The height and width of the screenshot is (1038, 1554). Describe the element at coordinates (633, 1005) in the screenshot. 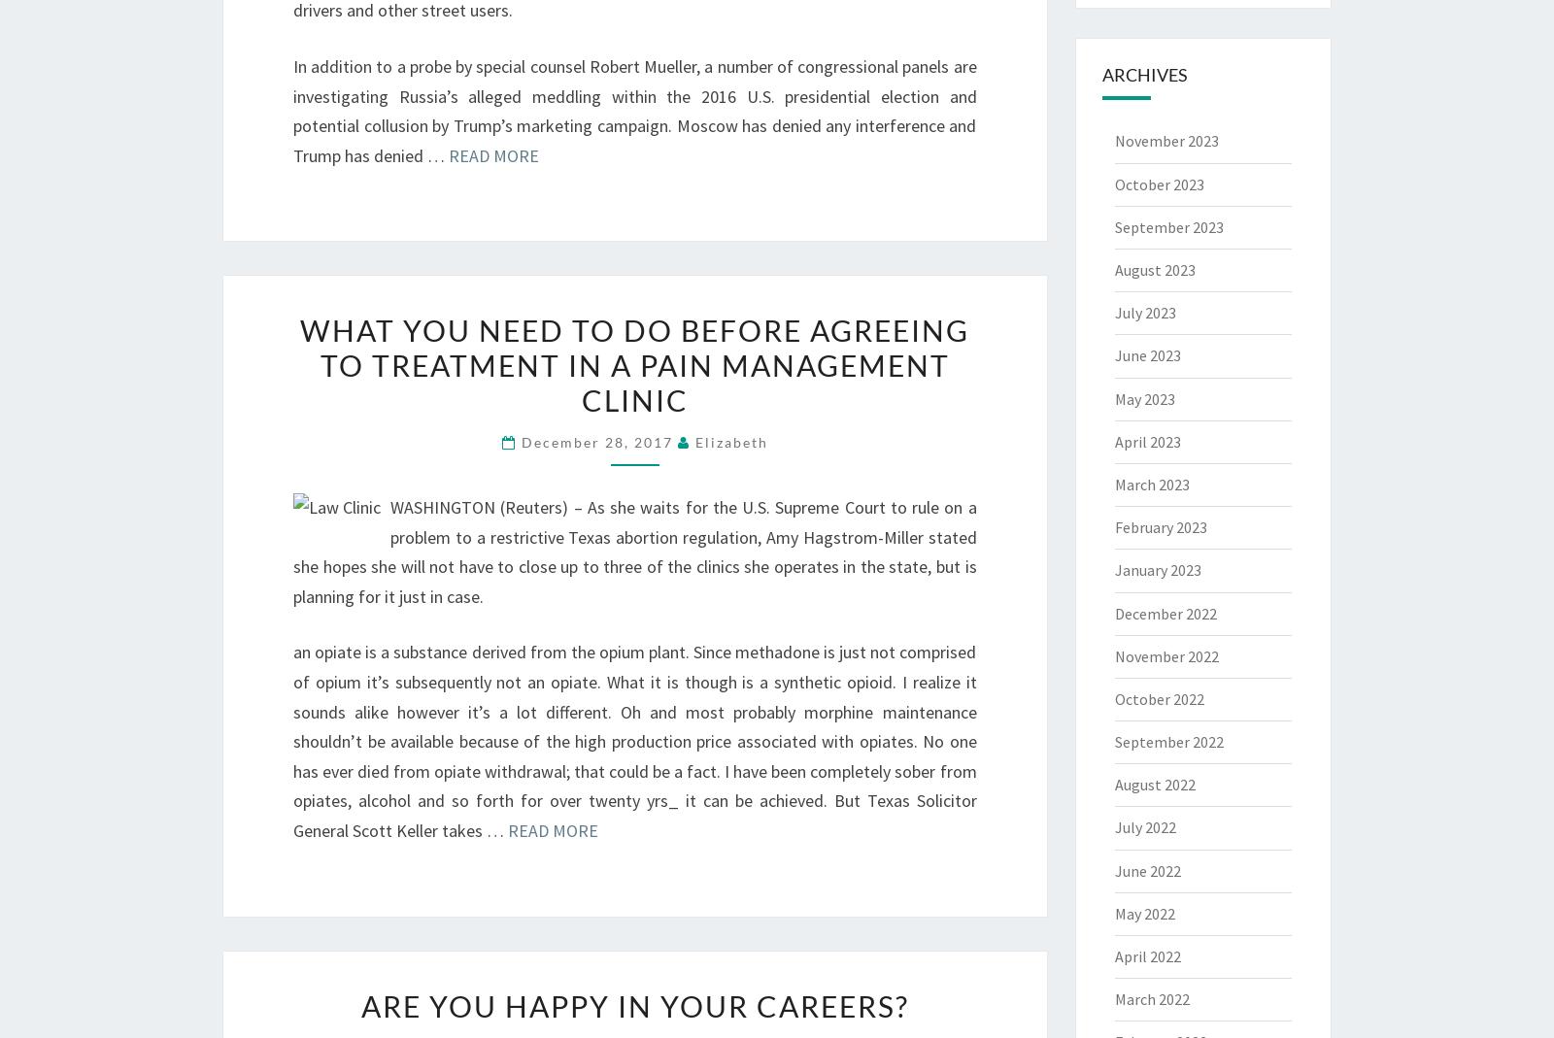

I see `'Are You Happy In Your Careers?'` at that location.